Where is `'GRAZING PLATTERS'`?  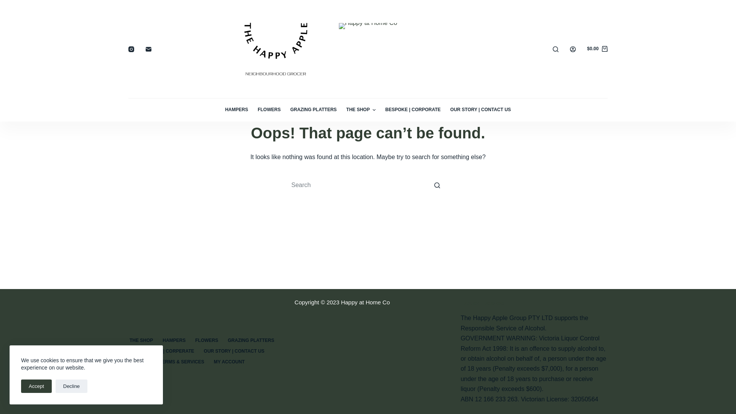 'GRAZING PLATTERS' is located at coordinates (313, 110).